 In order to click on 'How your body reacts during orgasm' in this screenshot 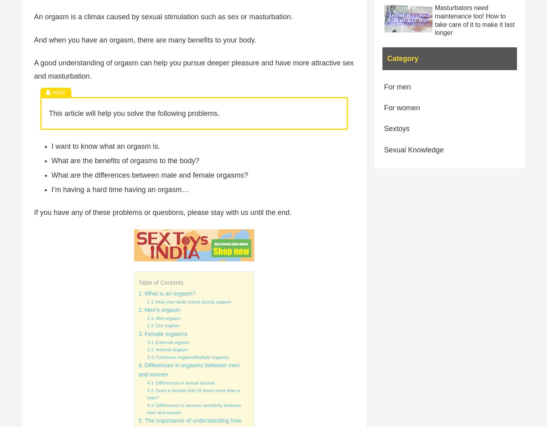, I will do `click(155, 301)`.